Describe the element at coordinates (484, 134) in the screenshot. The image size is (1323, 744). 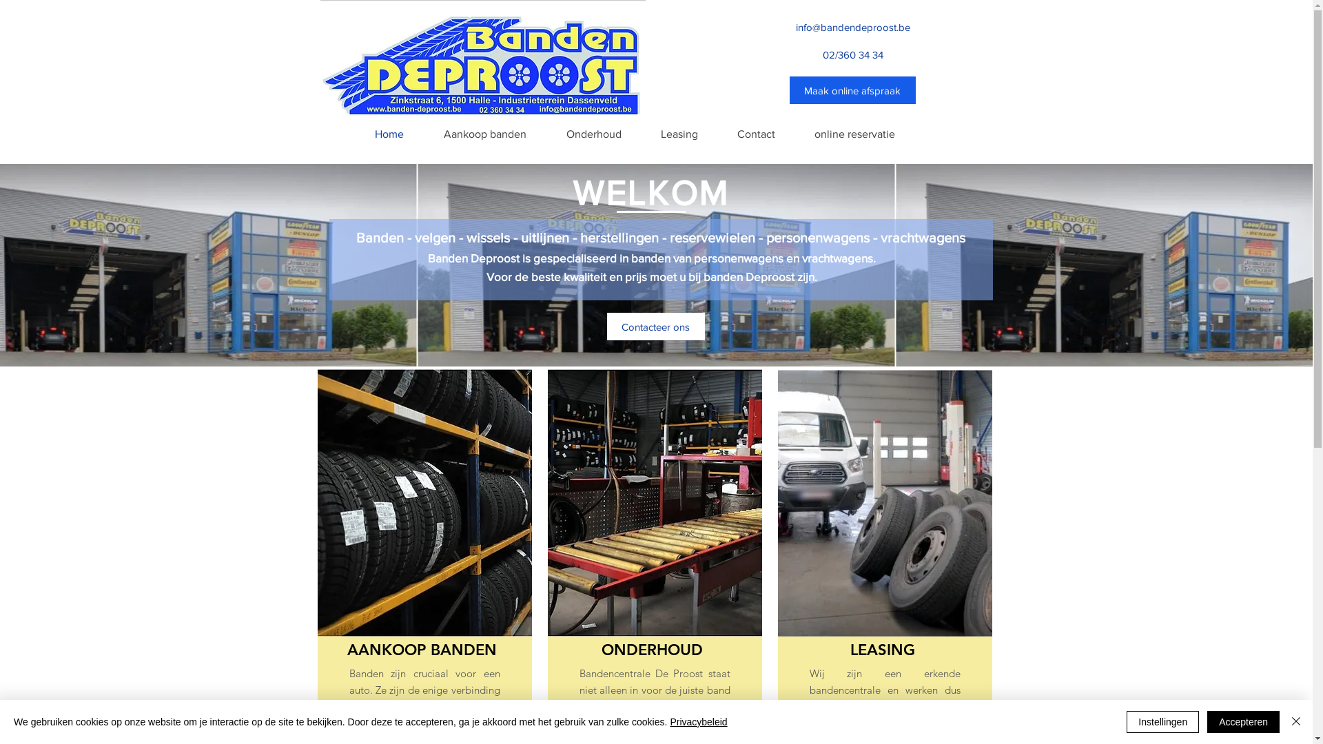
I see `'Aankoop banden'` at that location.